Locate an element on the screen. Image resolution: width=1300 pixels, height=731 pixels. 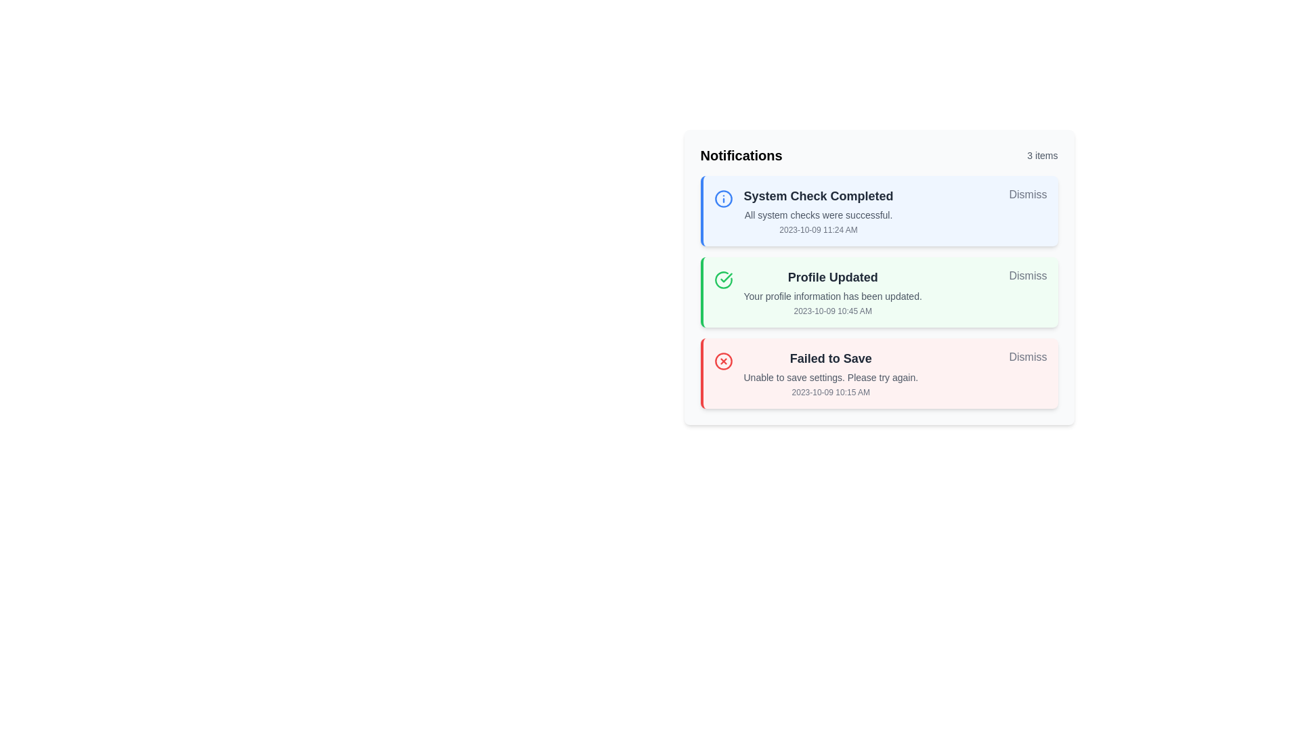
the 'Dismiss' button located at the rightmost end of the 'System Check Completed' notification card is located at coordinates (1028, 195).